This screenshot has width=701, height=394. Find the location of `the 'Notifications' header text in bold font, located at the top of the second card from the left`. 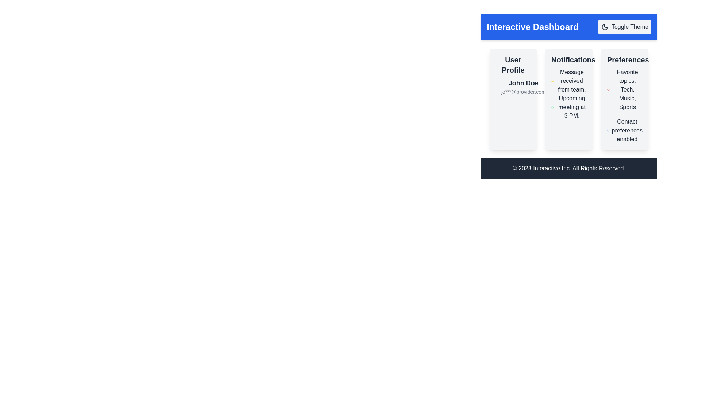

the 'Notifications' header text in bold font, located at the top of the second card from the left is located at coordinates (568, 59).